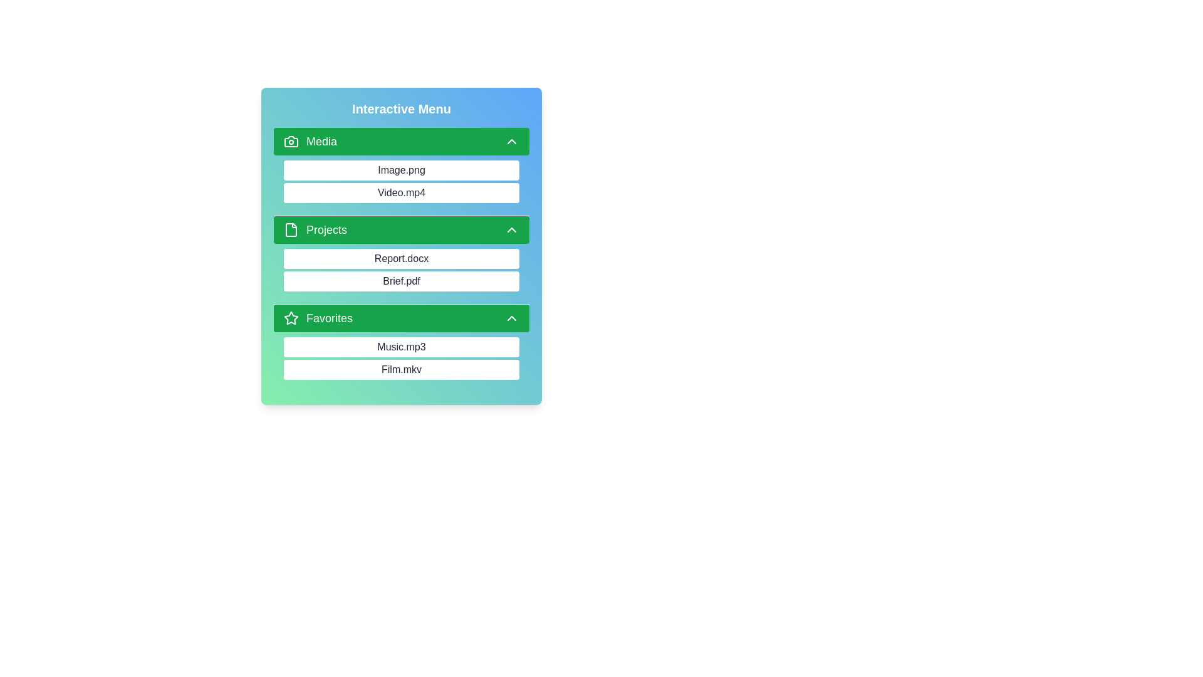  Describe the element at coordinates (402, 193) in the screenshot. I see `the item Video.mp4 to observe its hover effect` at that location.